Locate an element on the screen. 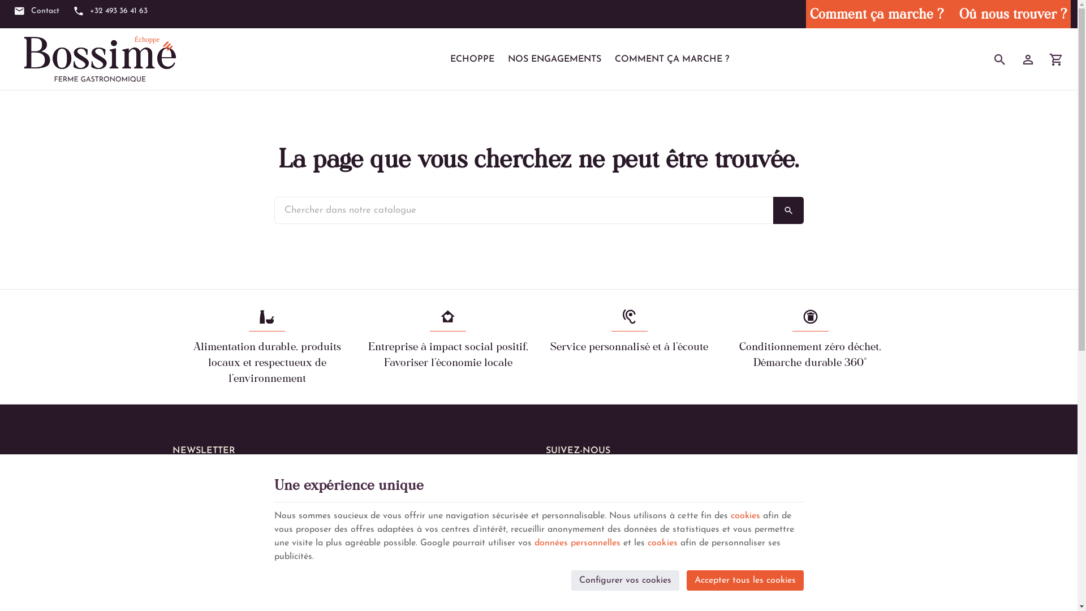  'cookies' is located at coordinates (648, 543).